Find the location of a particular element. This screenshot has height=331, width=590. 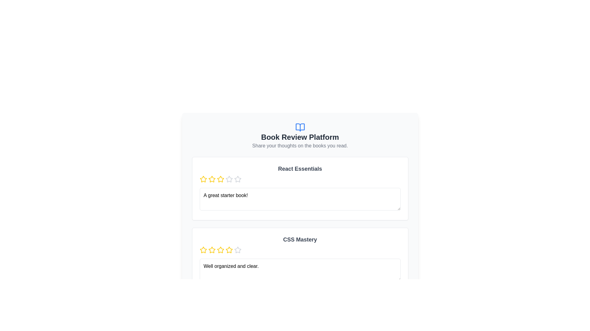

the second yellow star icon is located at coordinates (212, 250).